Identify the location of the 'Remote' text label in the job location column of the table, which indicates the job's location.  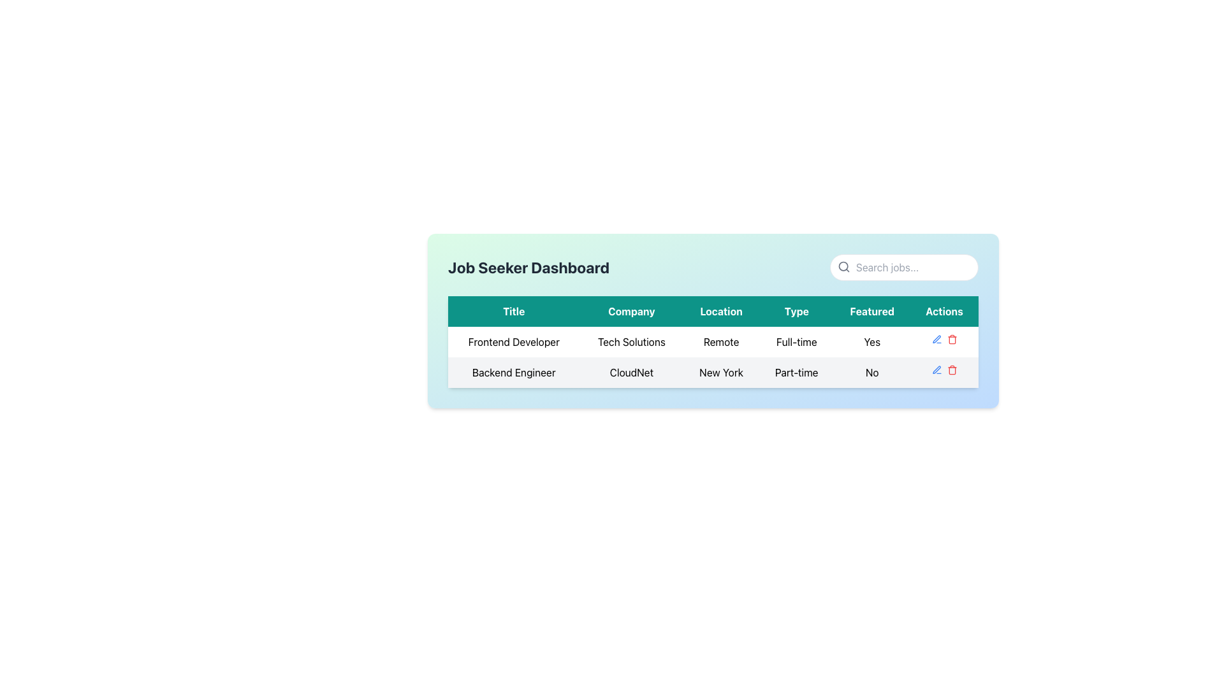
(721, 341).